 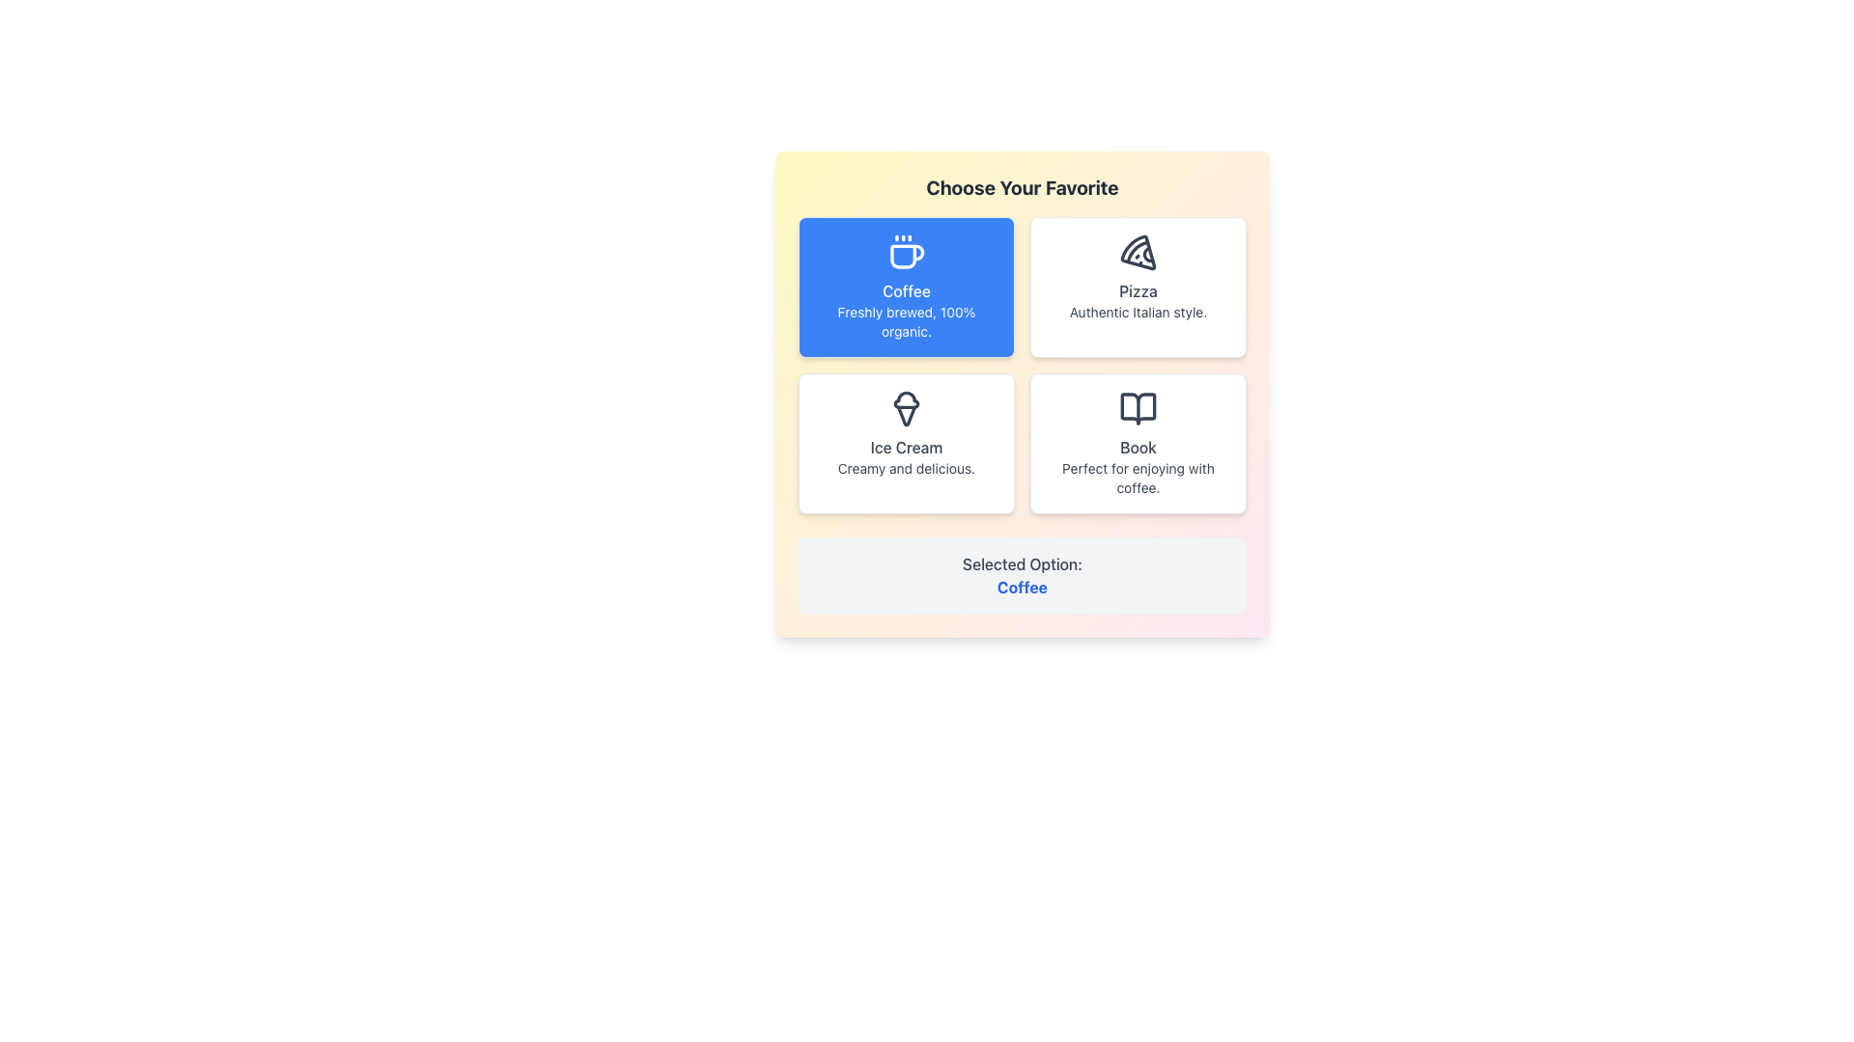 I want to click on text label located directly underneath the pizza icon and above the text 'Authentic Italian style' in the top-right quadrant of the selection grid, so click(x=1138, y=290).